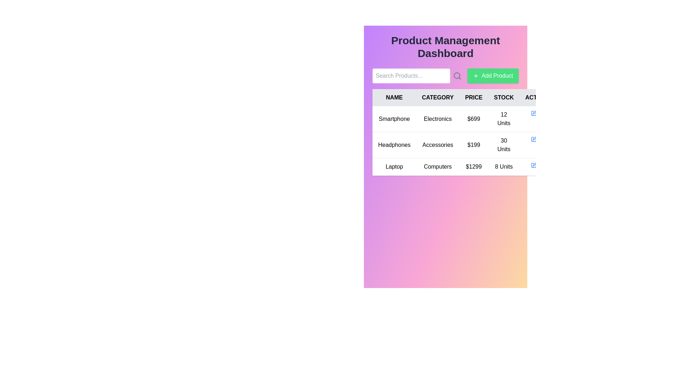 Image resolution: width=685 pixels, height=385 pixels. Describe the element at coordinates (465, 166) in the screenshot. I see `data presented in the table row containing 'Laptop' in the 'Name' column, 'Computers' in the 'Category' column, '$1299' in the 'Price' column, and '8 Units' in the 'Stock' column, along with the edit icon represented as a blue pen` at that location.